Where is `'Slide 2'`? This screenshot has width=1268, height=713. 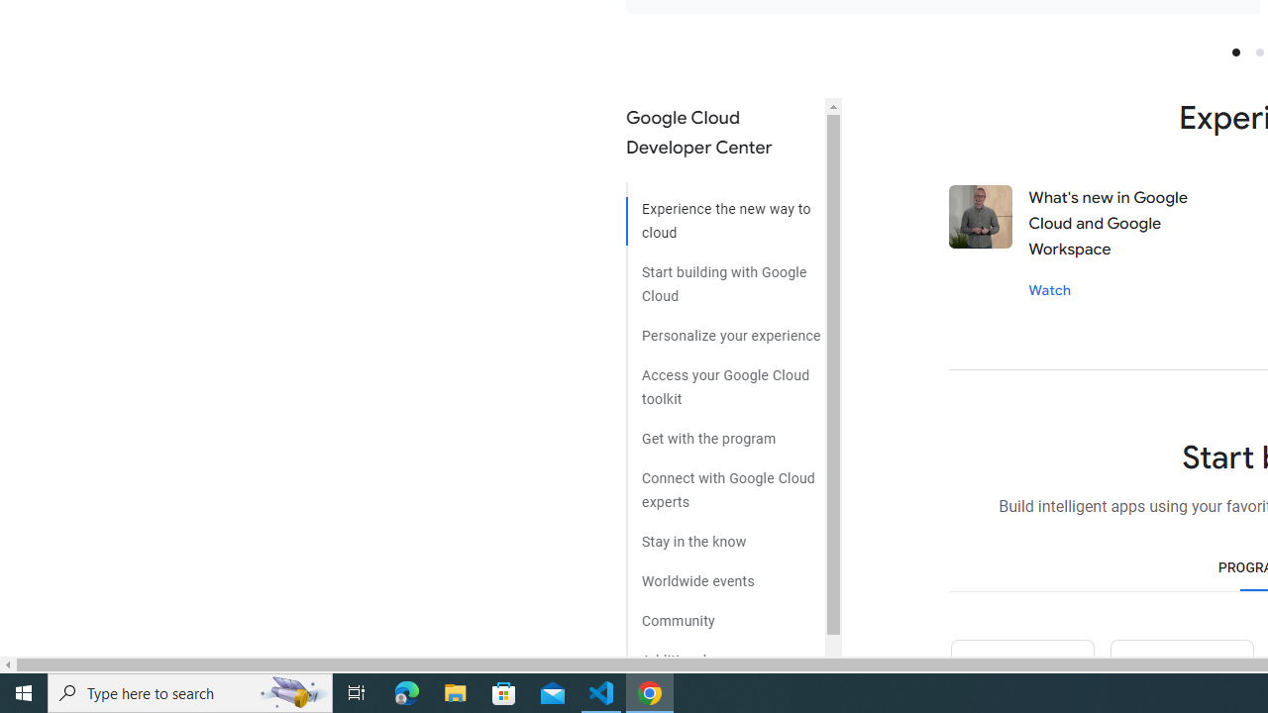
'Slide 2' is located at coordinates (1258, 51).